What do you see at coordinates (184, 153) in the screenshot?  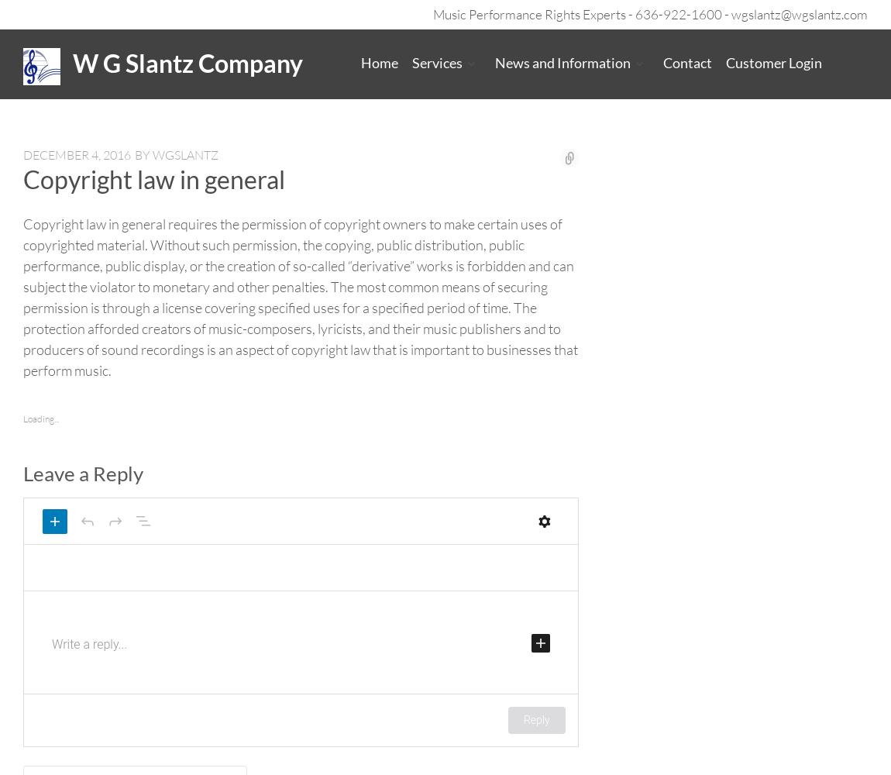 I see `'wgslantz'` at bounding box center [184, 153].